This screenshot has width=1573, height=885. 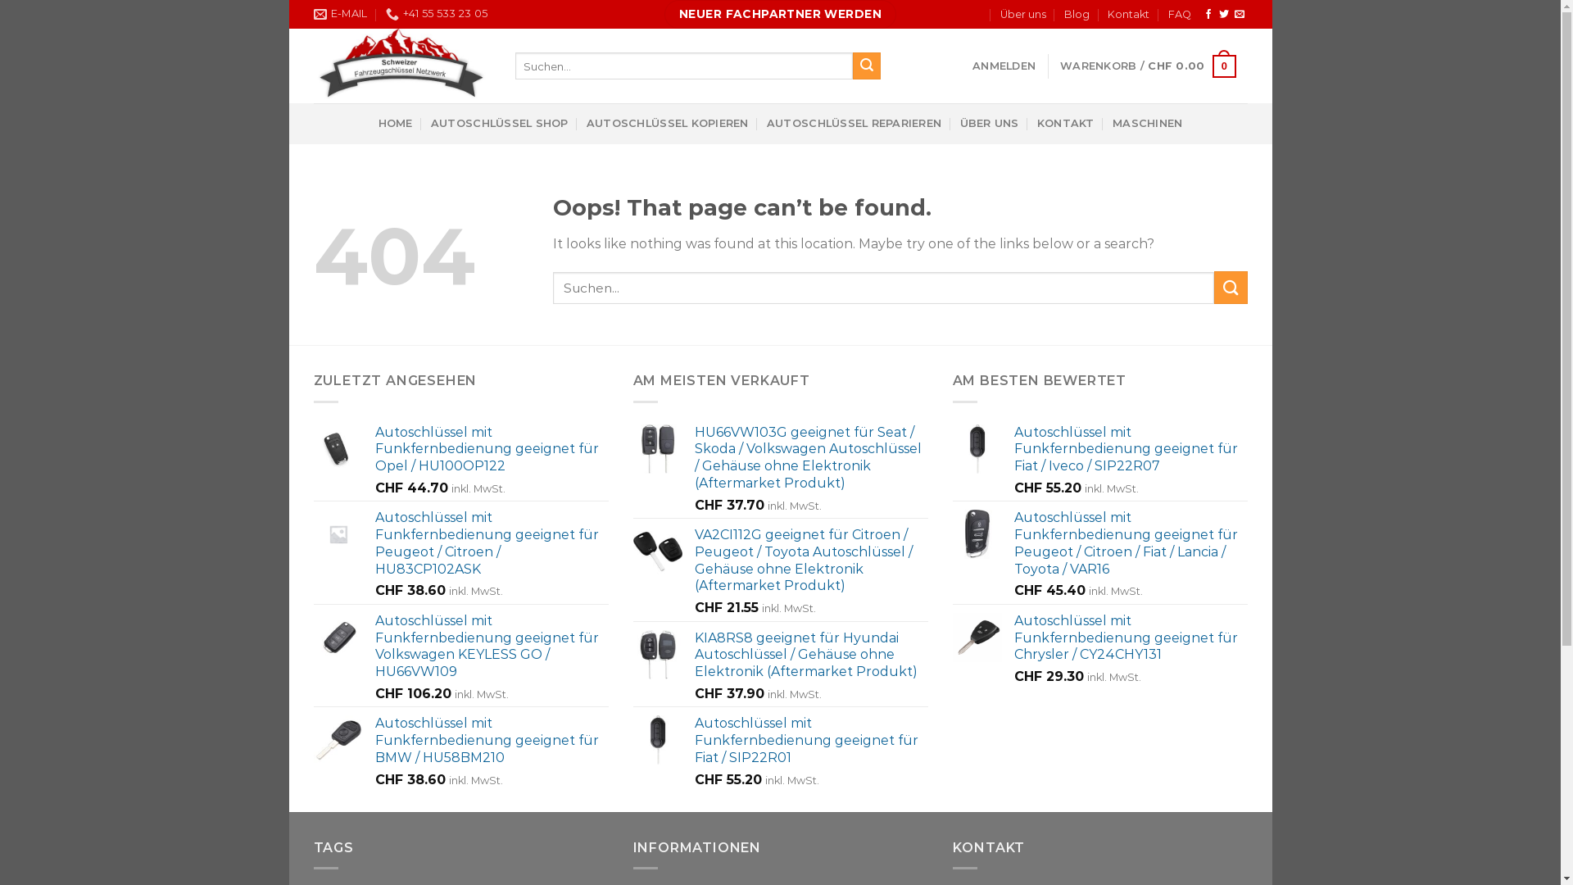 What do you see at coordinates (396, 122) in the screenshot?
I see `'HOME'` at bounding box center [396, 122].